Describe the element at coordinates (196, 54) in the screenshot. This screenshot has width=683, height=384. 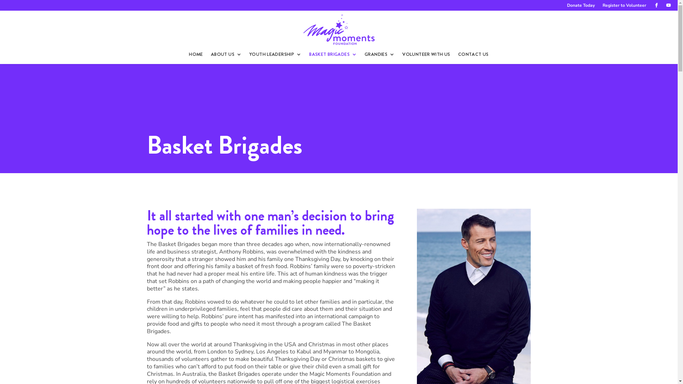
I see `'HOME'` at that location.